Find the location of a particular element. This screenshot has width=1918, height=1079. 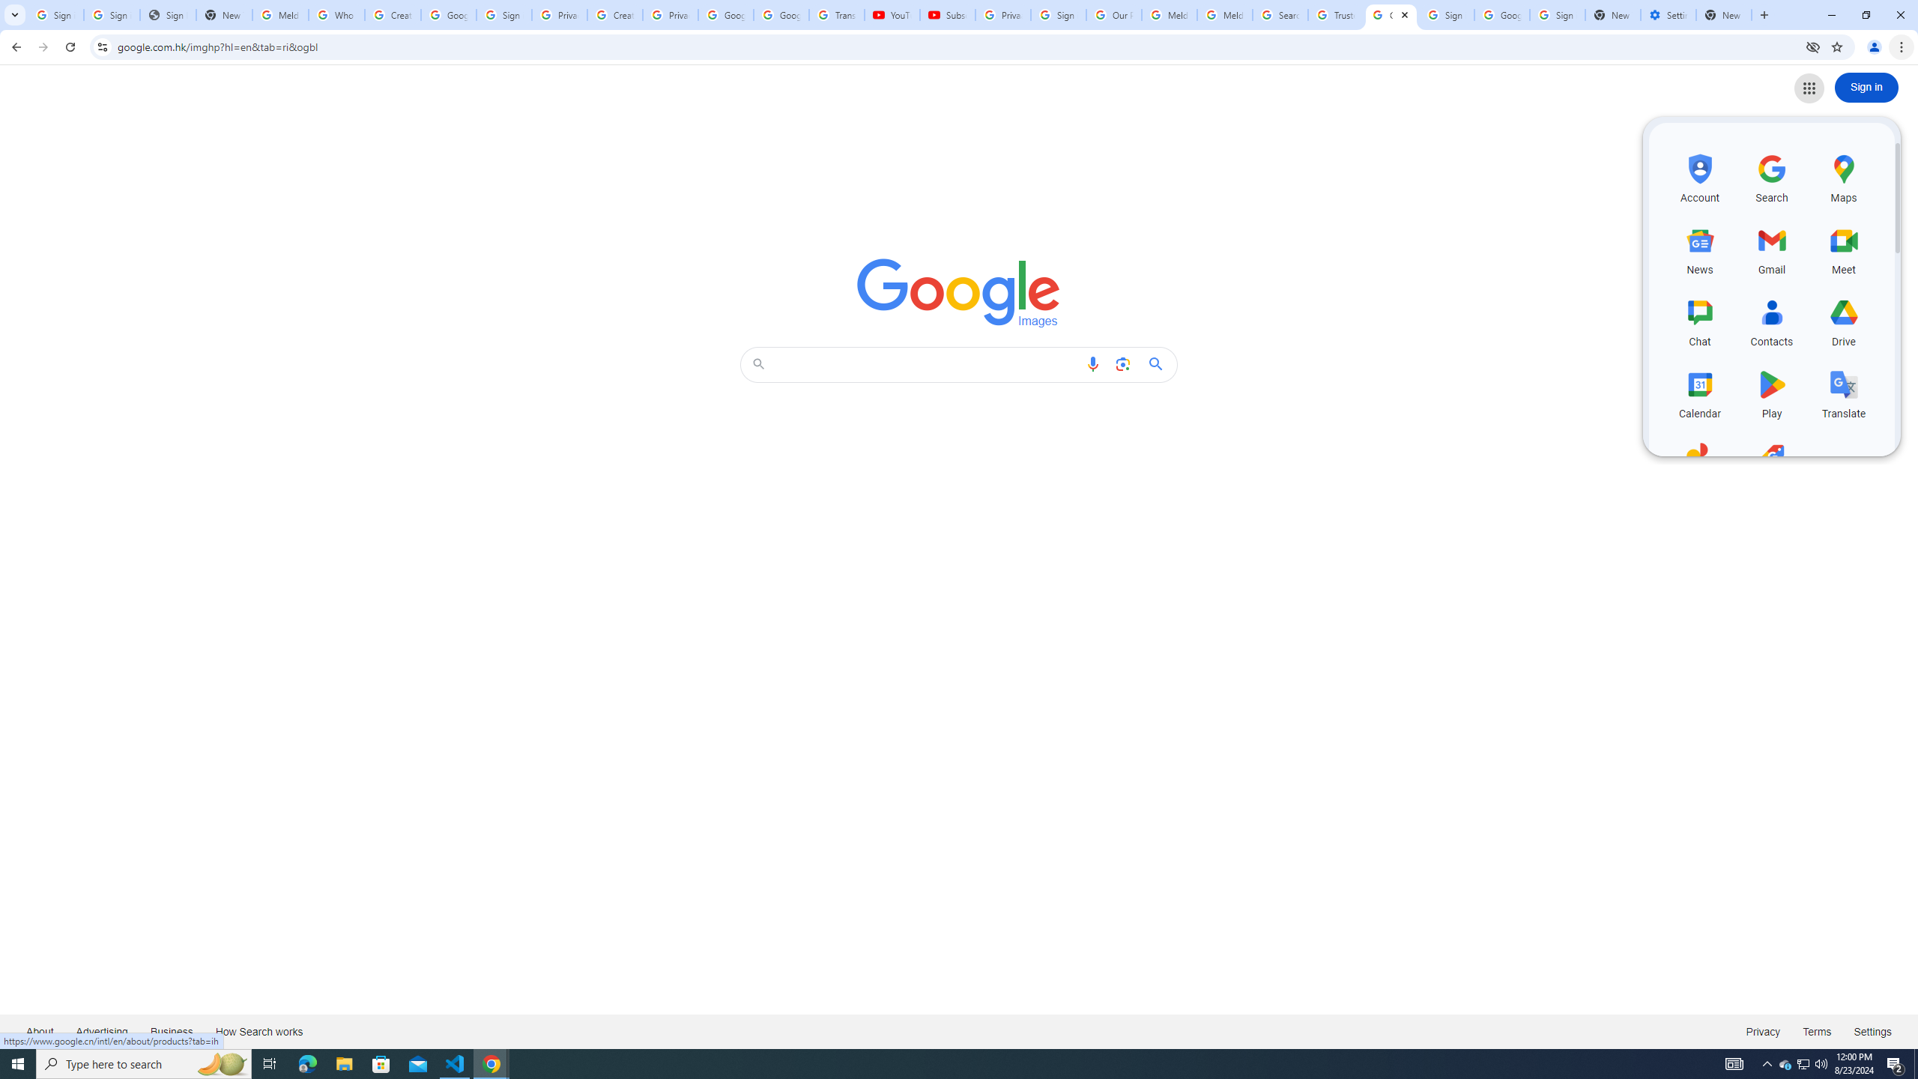

'Google Images' is located at coordinates (959, 292).